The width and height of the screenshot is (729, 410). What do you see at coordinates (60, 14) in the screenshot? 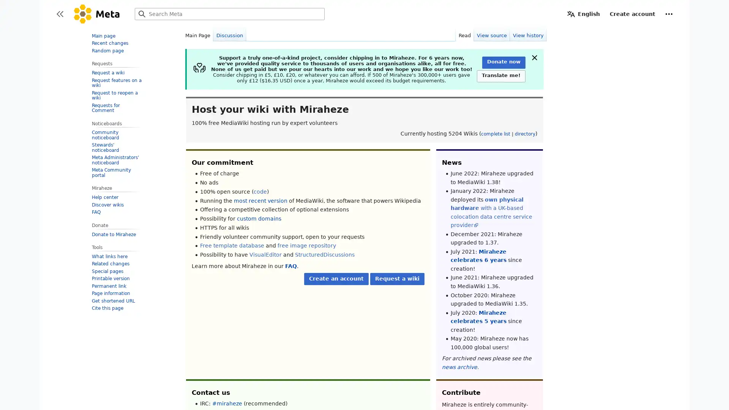
I see `Toggle sidebar` at bounding box center [60, 14].